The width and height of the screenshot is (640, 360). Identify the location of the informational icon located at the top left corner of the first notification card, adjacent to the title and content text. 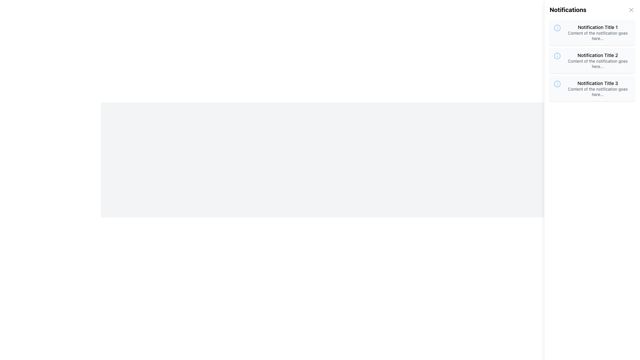
(557, 28).